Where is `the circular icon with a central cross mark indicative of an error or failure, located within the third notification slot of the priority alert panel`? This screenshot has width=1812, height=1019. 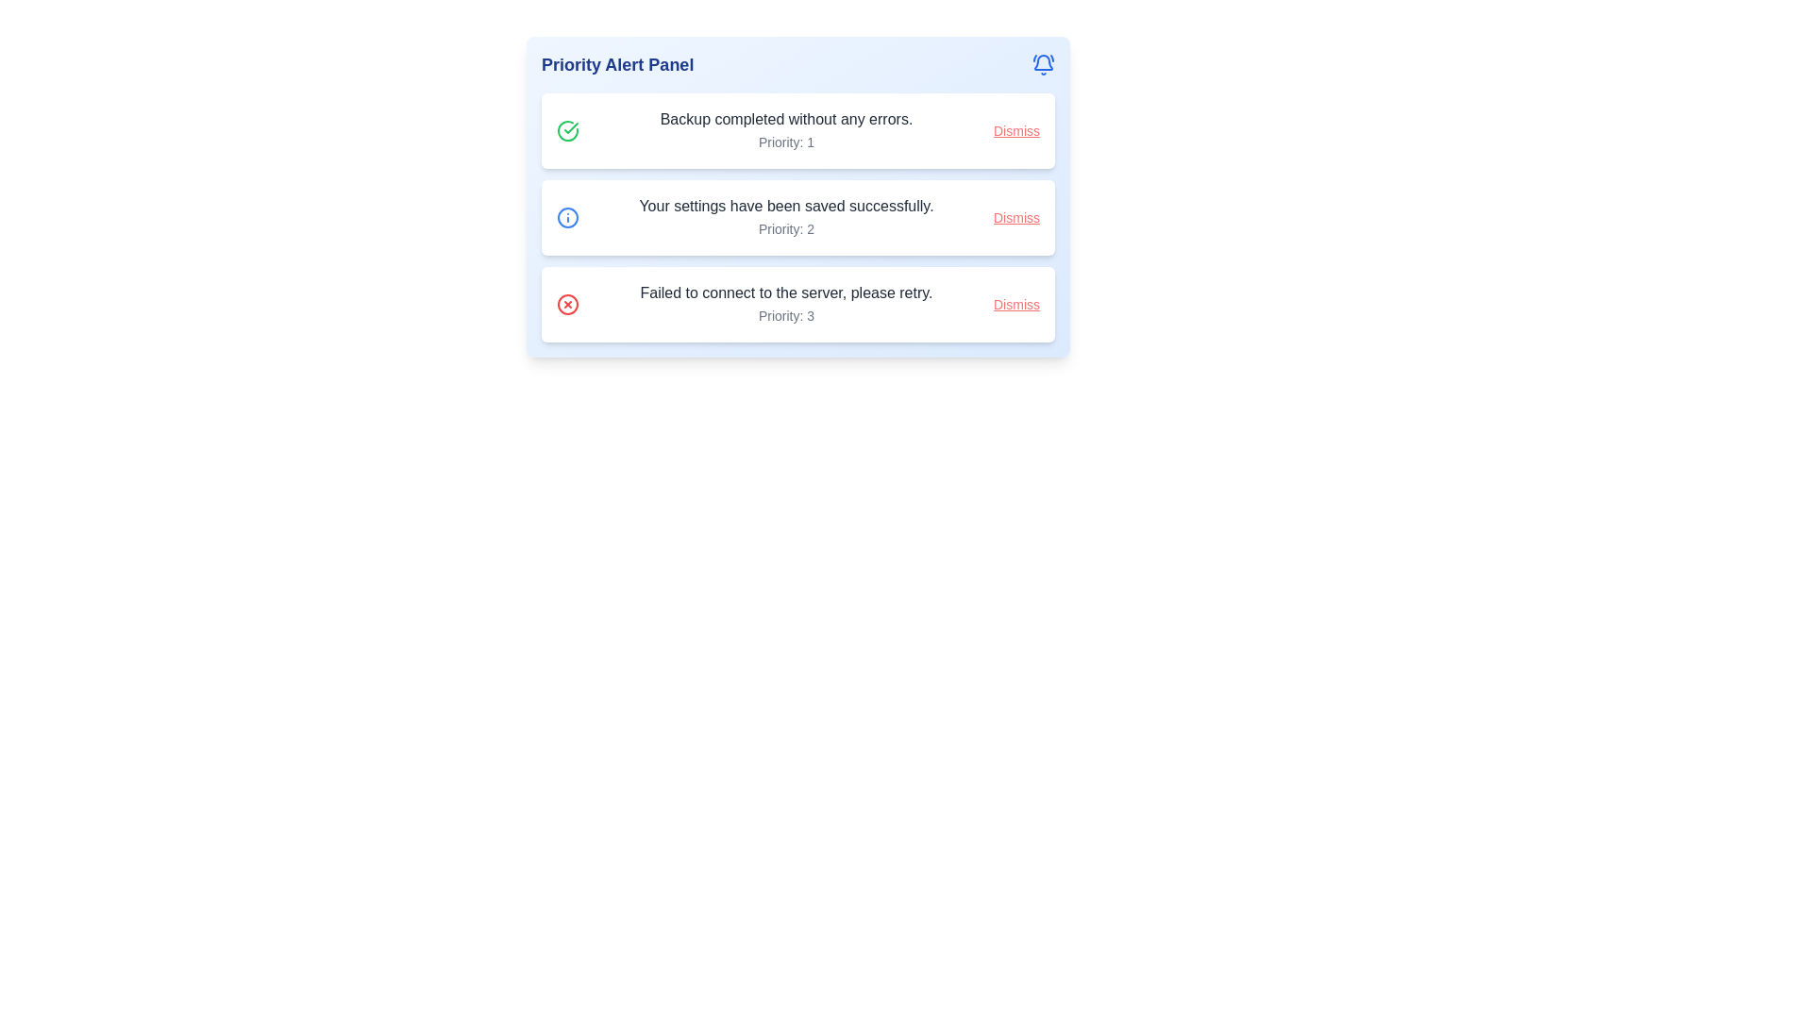 the circular icon with a central cross mark indicative of an error or failure, located within the third notification slot of the priority alert panel is located at coordinates (566, 304).